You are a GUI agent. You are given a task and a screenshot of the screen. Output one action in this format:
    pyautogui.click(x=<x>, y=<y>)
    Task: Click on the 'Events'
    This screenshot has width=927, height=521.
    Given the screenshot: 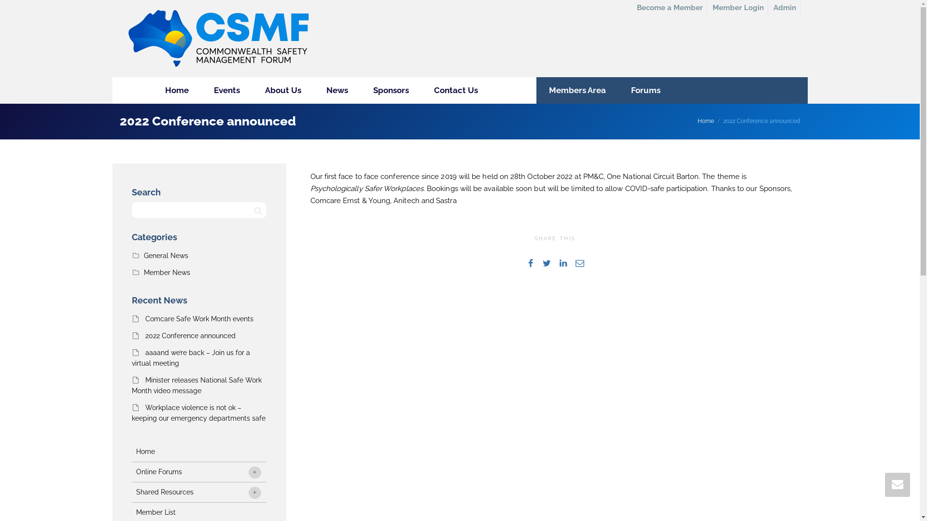 What is the action you would take?
    pyautogui.click(x=226, y=90)
    